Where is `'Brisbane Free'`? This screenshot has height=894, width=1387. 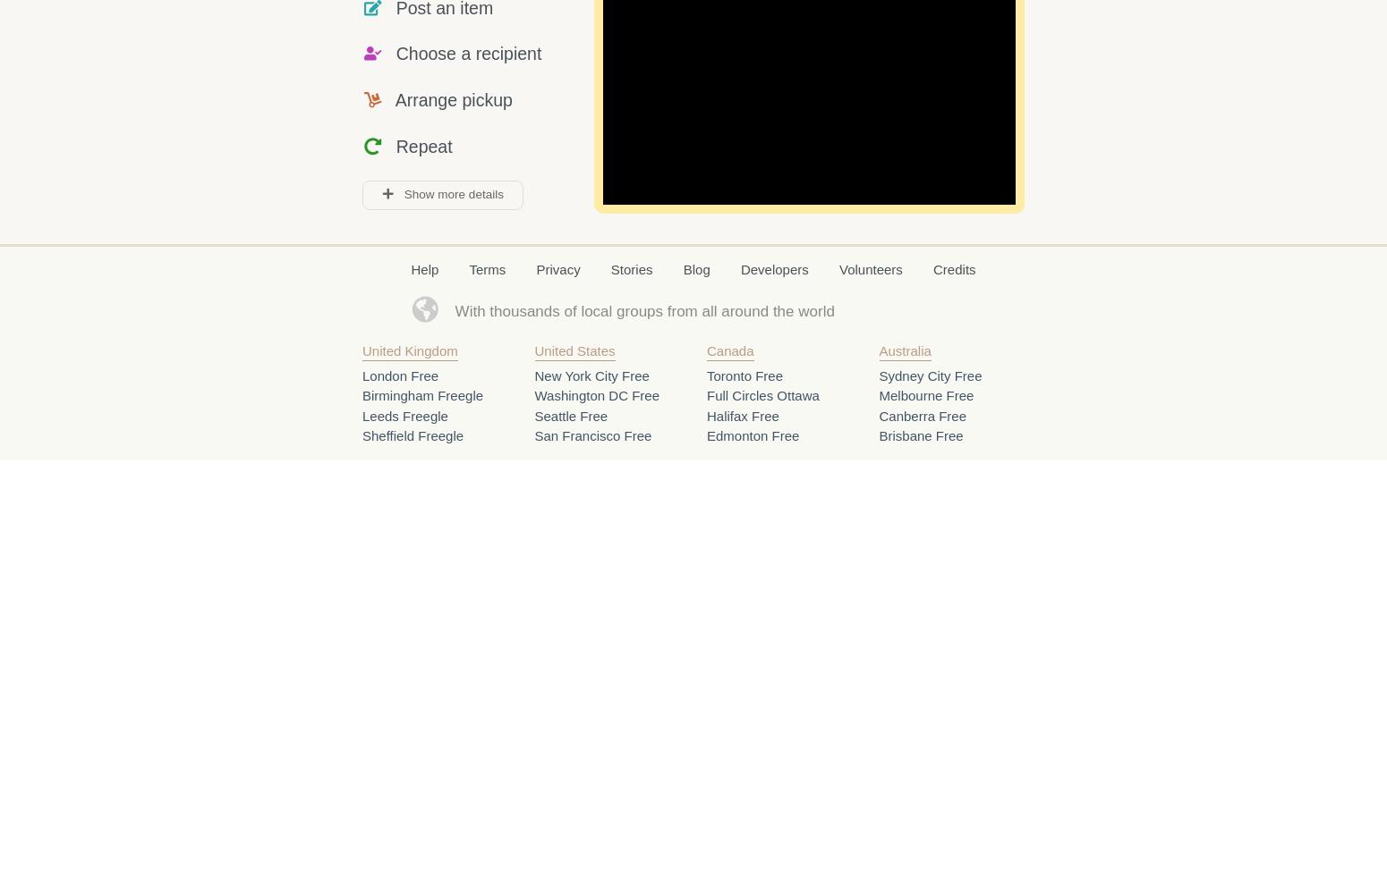
'Brisbane Free' is located at coordinates (921, 434).